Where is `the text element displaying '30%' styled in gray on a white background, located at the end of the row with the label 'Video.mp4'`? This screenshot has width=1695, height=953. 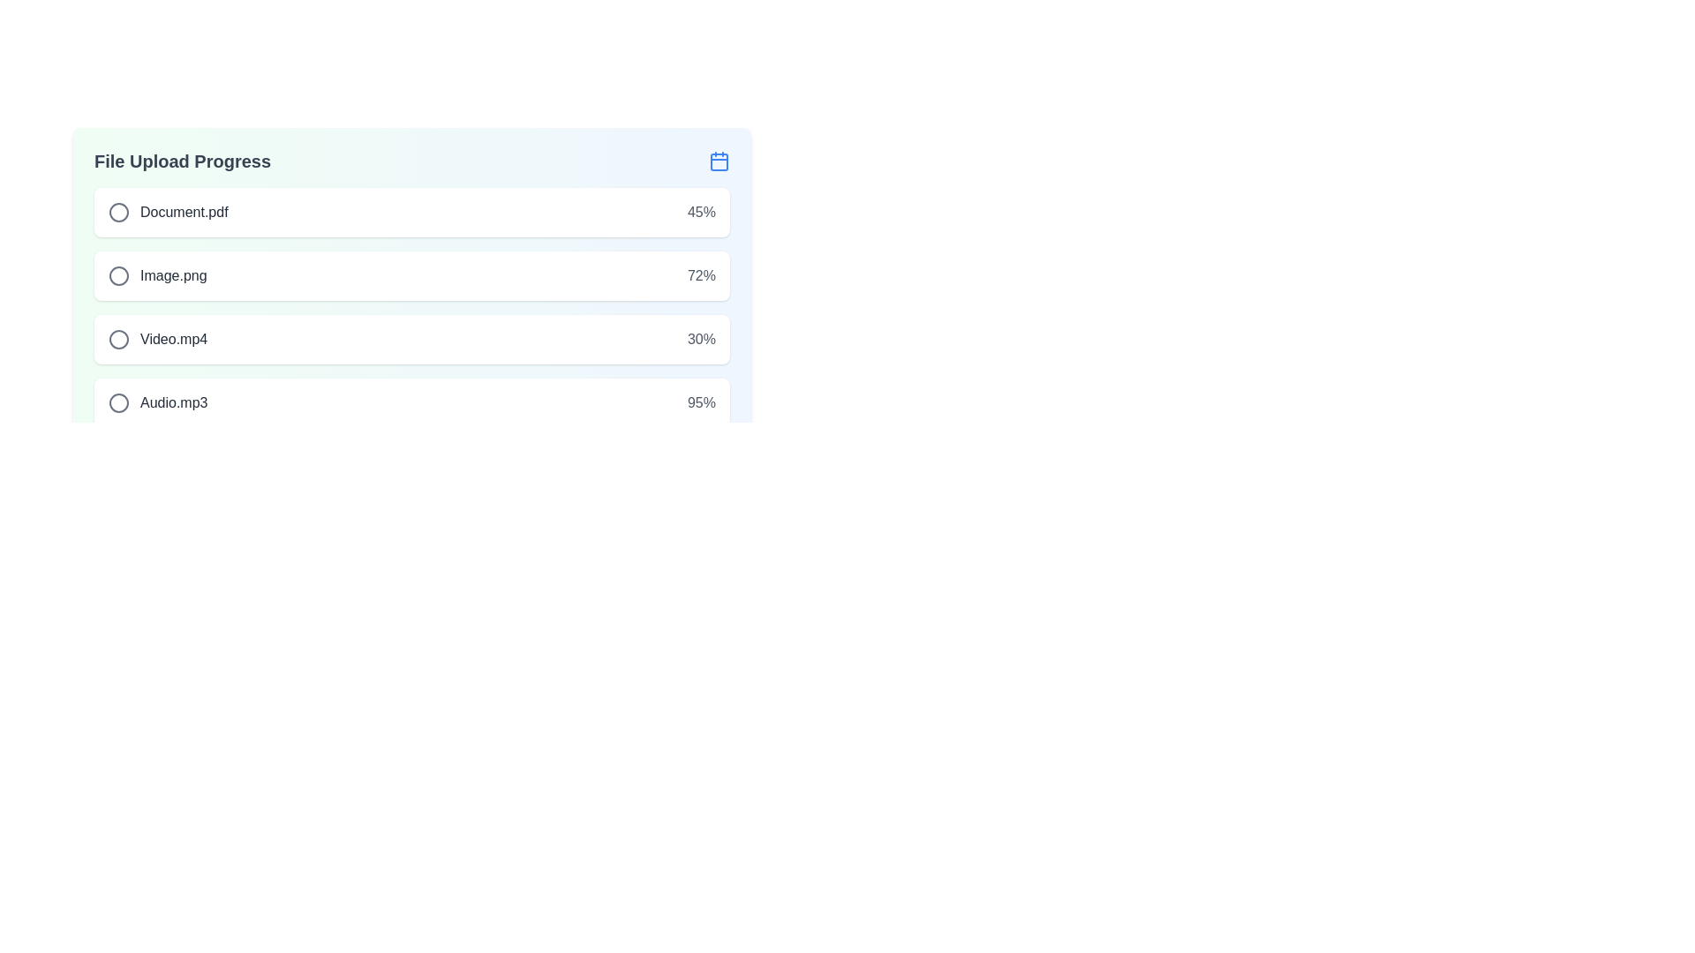 the text element displaying '30%' styled in gray on a white background, located at the end of the row with the label 'Video.mp4' is located at coordinates (701, 340).